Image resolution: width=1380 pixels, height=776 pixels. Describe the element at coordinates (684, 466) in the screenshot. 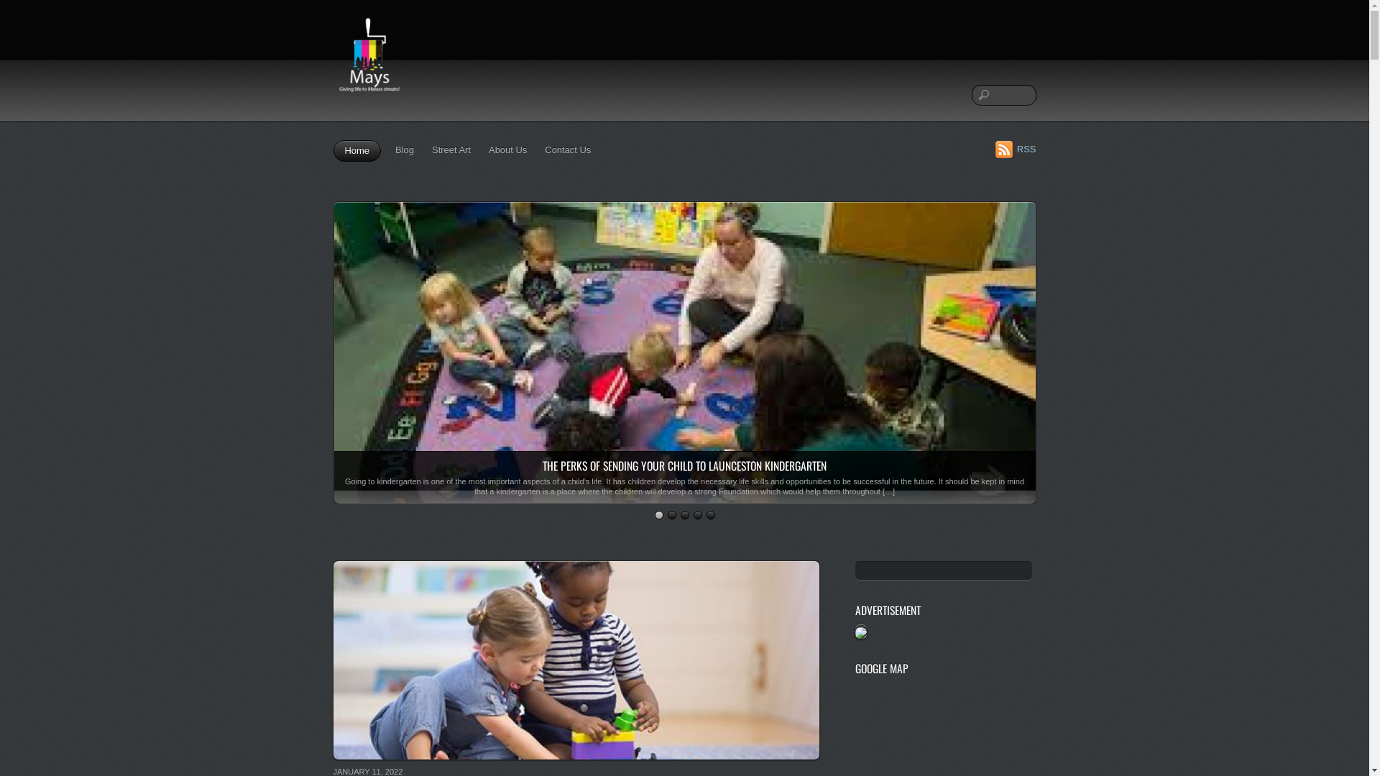

I see `'THE PERKS OF SENDING YOUR CHILD TO LAUNCESTON KINDERGARTEN'` at that location.